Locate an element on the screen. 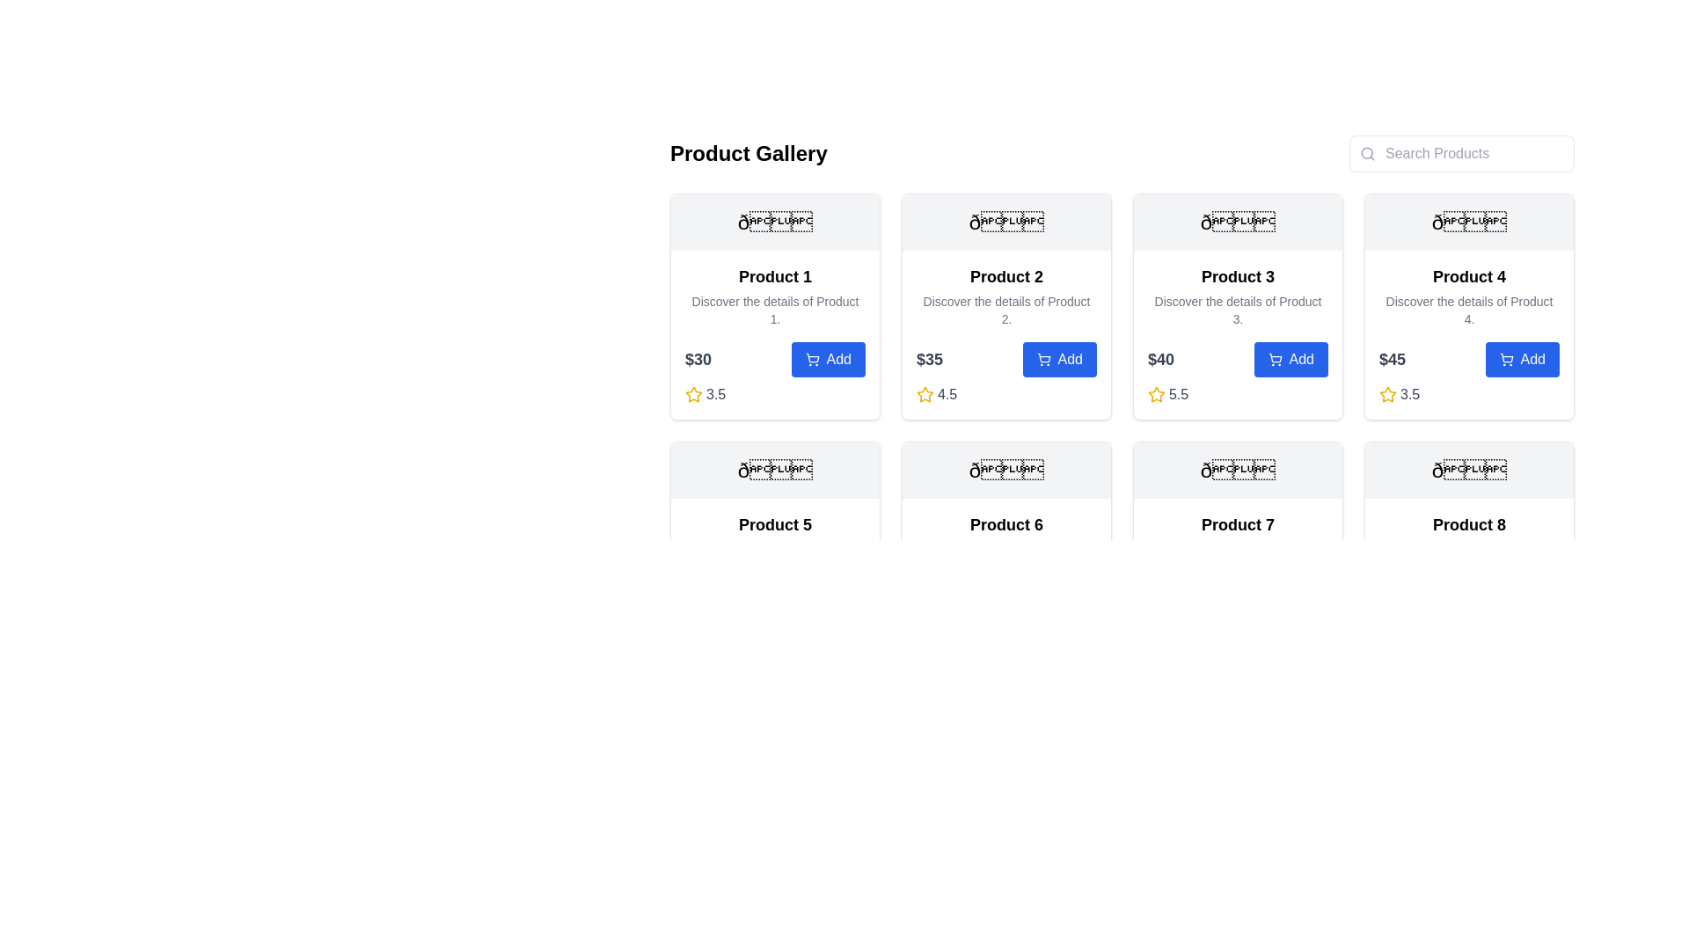 The image size is (1689, 950). the main body of the shopping cart icon within the 'Add' button section of the fourth product card in the product gallery grid is located at coordinates (1505, 357).